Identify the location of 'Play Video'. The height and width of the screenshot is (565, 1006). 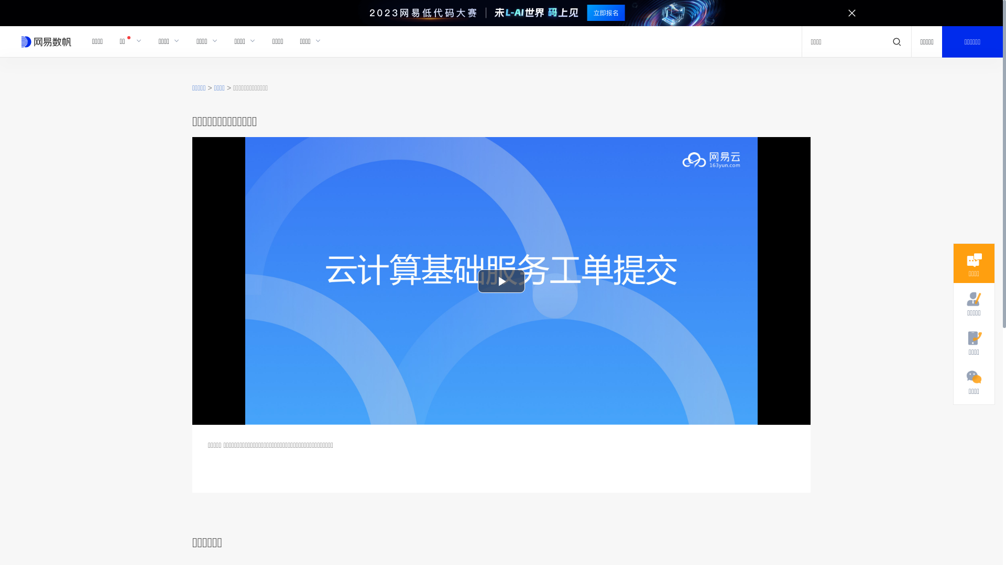
(500, 280).